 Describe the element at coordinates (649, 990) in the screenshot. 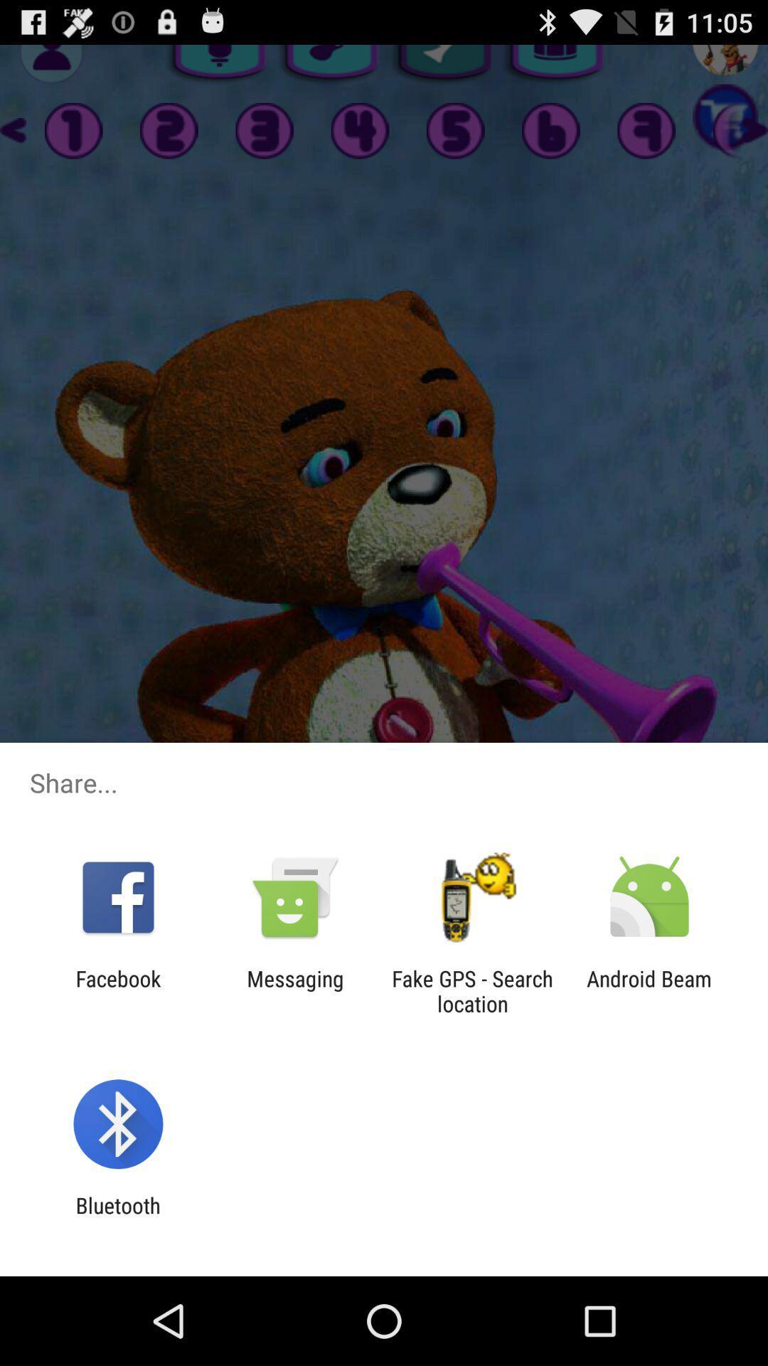

I see `the android beam icon` at that location.